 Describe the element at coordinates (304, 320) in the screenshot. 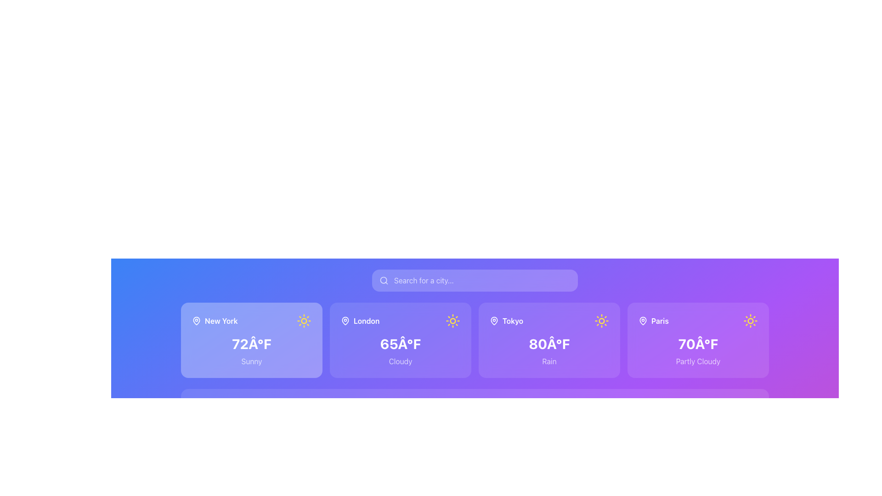

I see `the small circle centered within the sun icon on the weather card for 'New York.'` at that location.